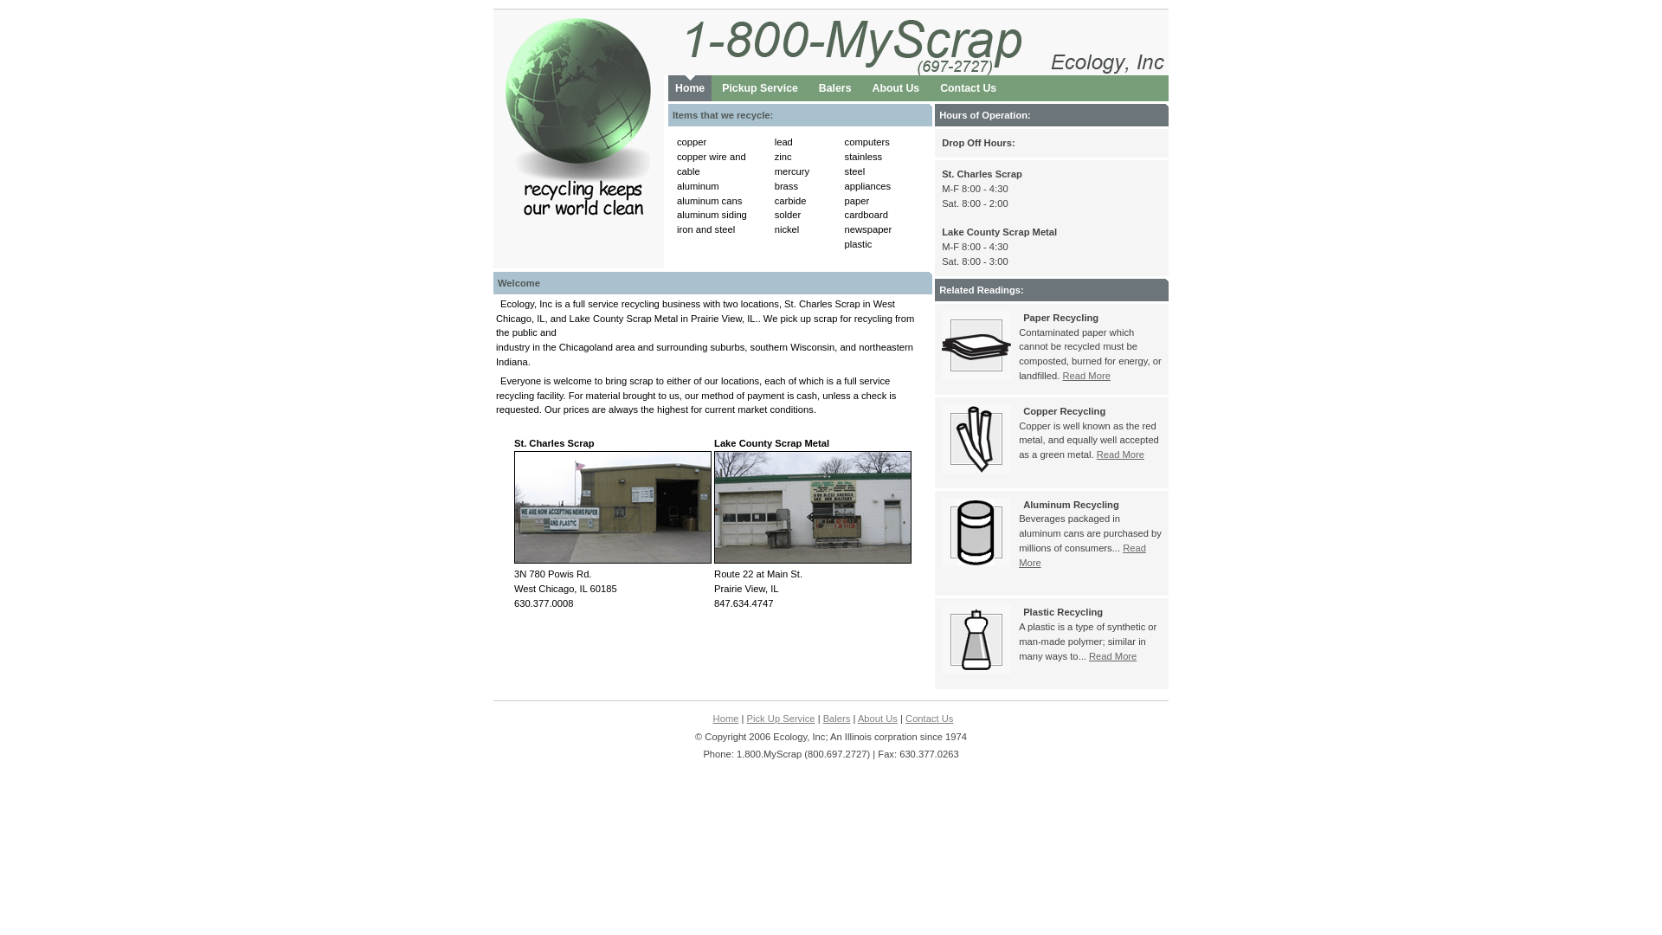  What do you see at coordinates (834, 87) in the screenshot?
I see `'Balers'` at bounding box center [834, 87].